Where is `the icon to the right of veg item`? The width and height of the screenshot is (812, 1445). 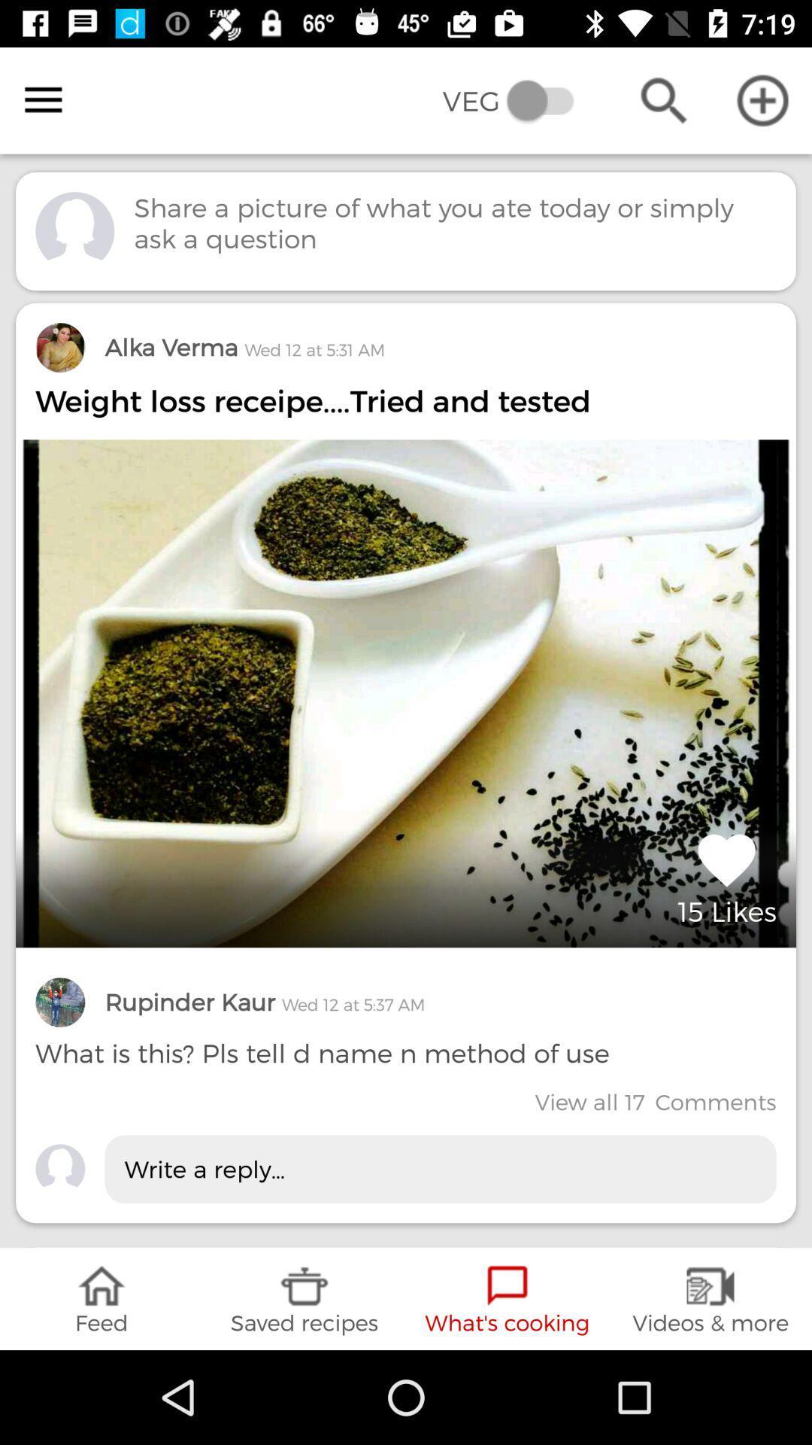
the icon to the right of veg item is located at coordinates (663, 99).